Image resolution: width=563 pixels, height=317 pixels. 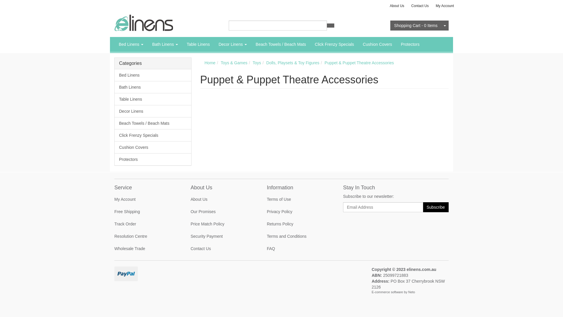 I want to click on 'Dolls, Playsets & Toy Figures', so click(x=293, y=63).